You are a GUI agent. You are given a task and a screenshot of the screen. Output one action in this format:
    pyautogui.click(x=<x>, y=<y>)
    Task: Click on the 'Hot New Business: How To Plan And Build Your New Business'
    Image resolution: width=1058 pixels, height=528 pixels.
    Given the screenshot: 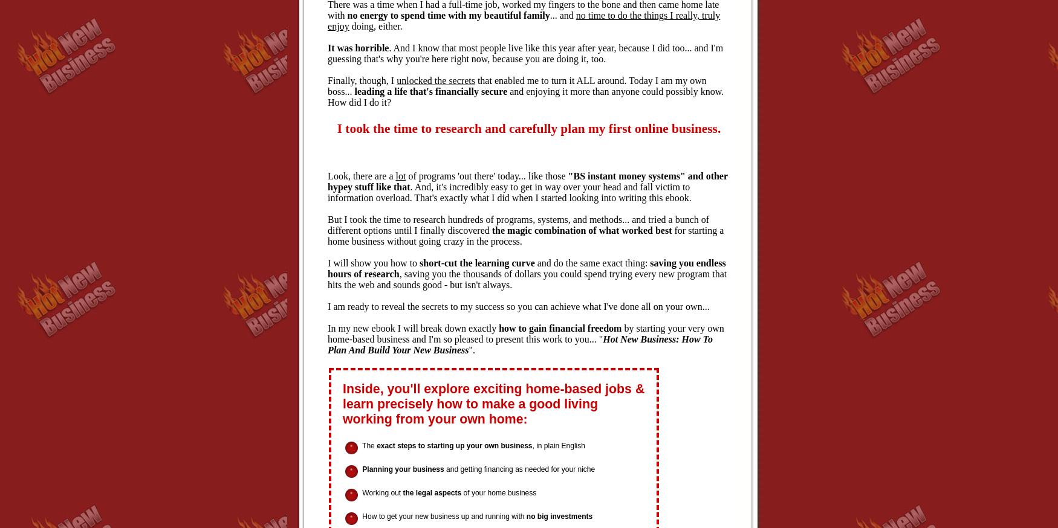 What is the action you would take?
    pyautogui.click(x=519, y=344)
    